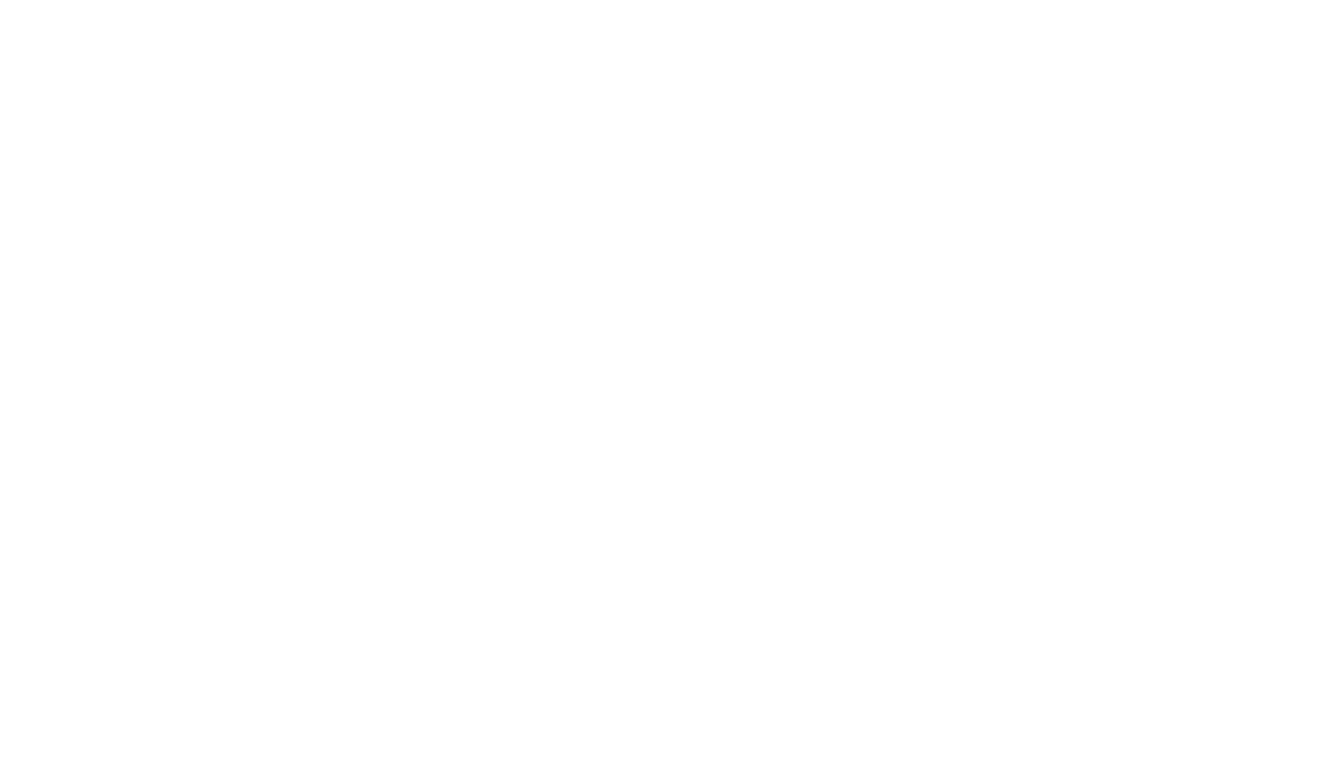 This screenshot has height=758, width=1325. What do you see at coordinates (1183, 739) in the screenshot?
I see `'TWK'` at bounding box center [1183, 739].